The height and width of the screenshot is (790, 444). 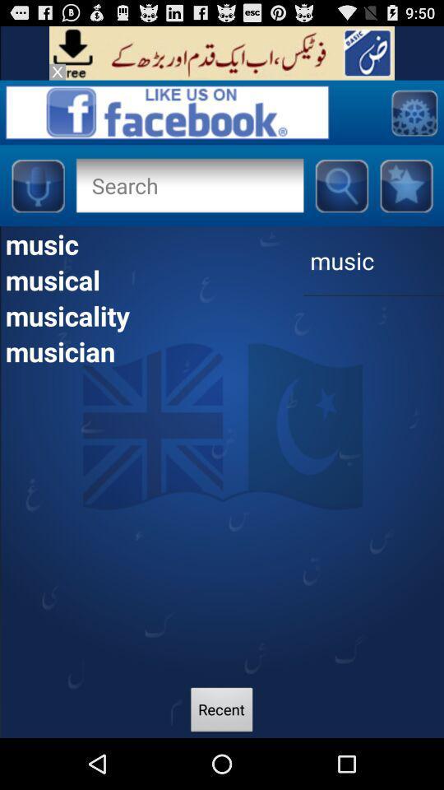 What do you see at coordinates (222, 53) in the screenshot?
I see `advertising link` at bounding box center [222, 53].